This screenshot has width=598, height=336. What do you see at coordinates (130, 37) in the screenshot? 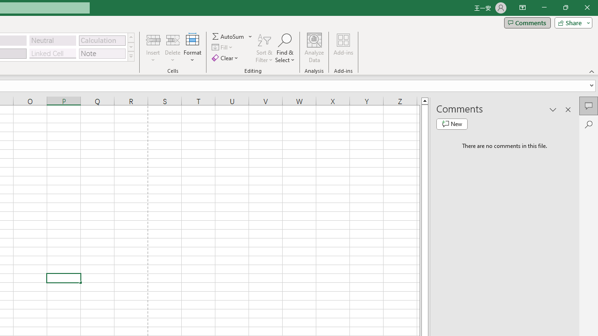
I see `'Row up'` at bounding box center [130, 37].